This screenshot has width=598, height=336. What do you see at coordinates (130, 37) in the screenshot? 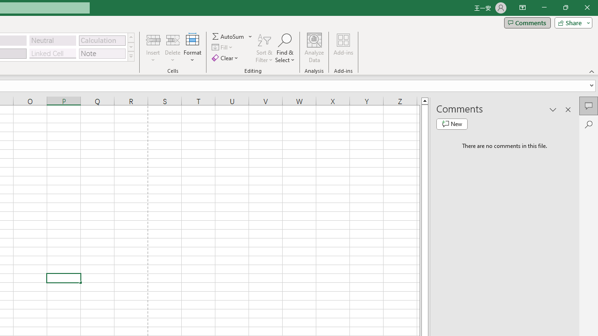
I see `'Row up'` at bounding box center [130, 37].